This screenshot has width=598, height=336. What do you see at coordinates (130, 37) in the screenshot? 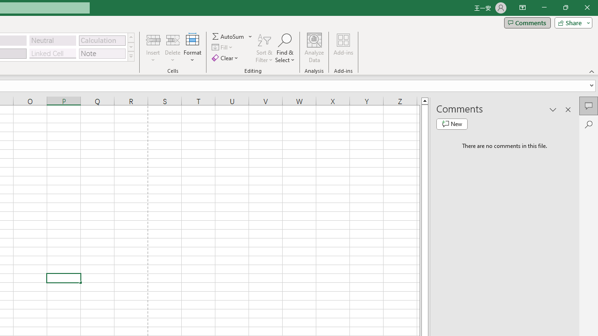
I see `'Row up'` at bounding box center [130, 37].